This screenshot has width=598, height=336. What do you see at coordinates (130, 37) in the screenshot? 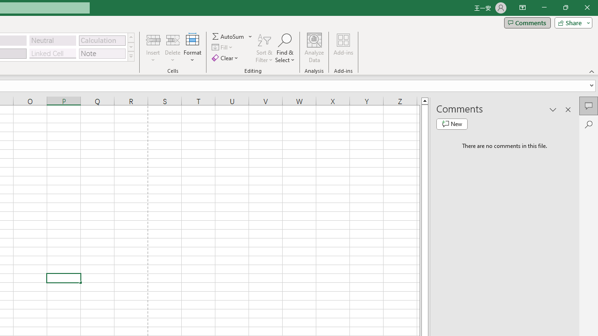
I see `'Row up'` at bounding box center [130, 37].